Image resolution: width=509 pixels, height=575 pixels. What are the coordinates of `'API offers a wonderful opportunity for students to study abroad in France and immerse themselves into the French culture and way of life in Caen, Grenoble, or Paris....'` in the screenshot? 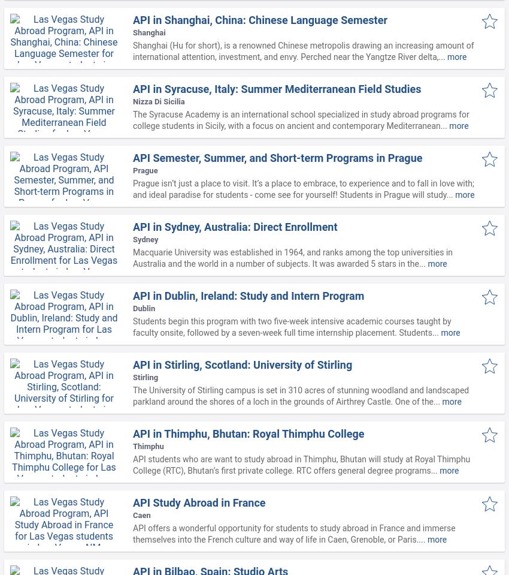 It's located at (293, 533).